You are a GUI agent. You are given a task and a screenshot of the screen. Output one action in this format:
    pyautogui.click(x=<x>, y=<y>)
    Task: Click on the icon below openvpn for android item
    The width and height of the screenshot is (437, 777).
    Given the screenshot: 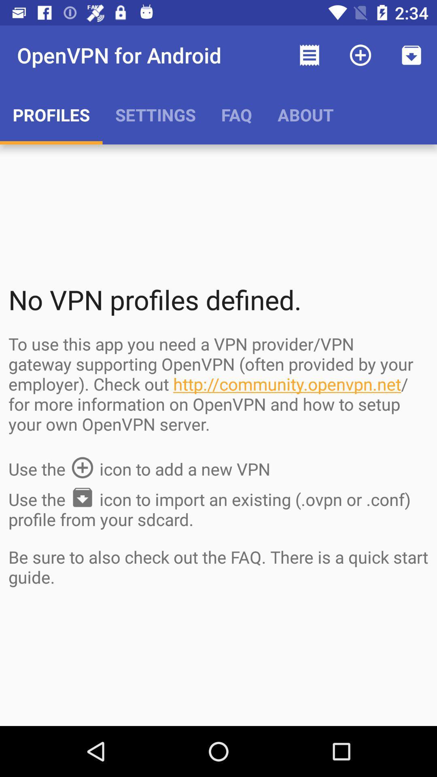 What is the action you would take?
    pyautogui.click(x=155, y=114)
    